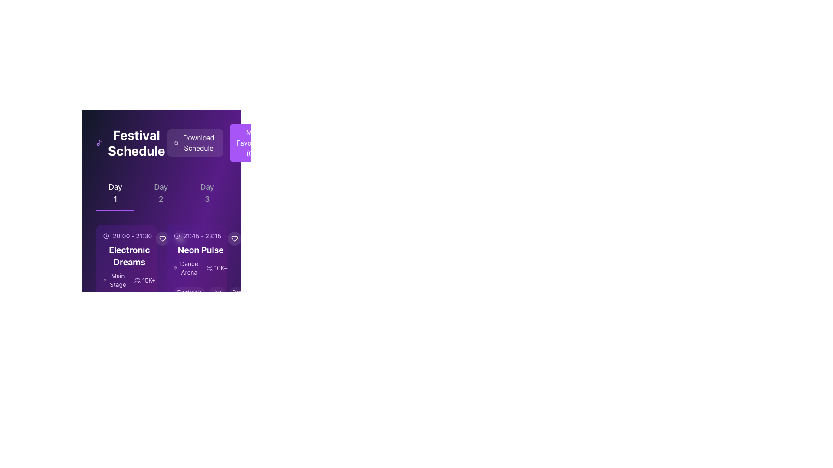 The height and width of the screenshot is (468, 833). I want to click on the interactive circular button for sharing the 'Neon Pulse' schedule entry from its position in the second entry card under 'Day 1', so click(179, 239).